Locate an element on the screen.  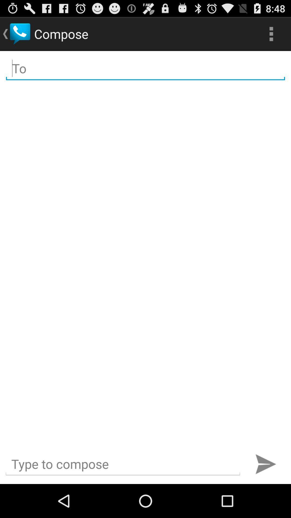
address line for message is located at coordinates (145, 68).